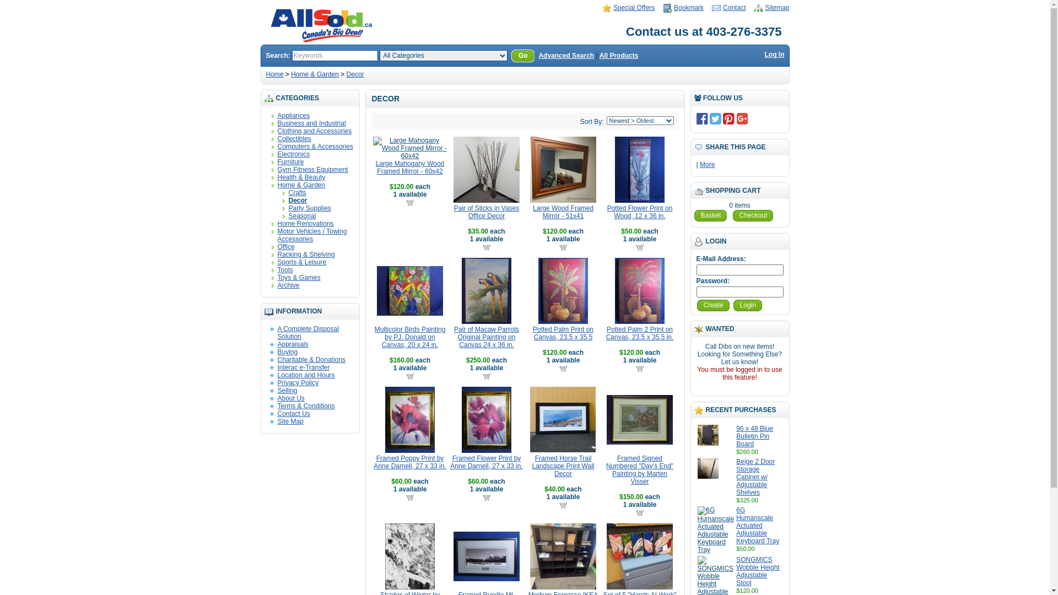 The width and height of the screenshot is (1058, 595). What do you see at coordinates (278, 223) in the screenshot?
I see `'Home Renovations'` at bounding box center [278, 223].